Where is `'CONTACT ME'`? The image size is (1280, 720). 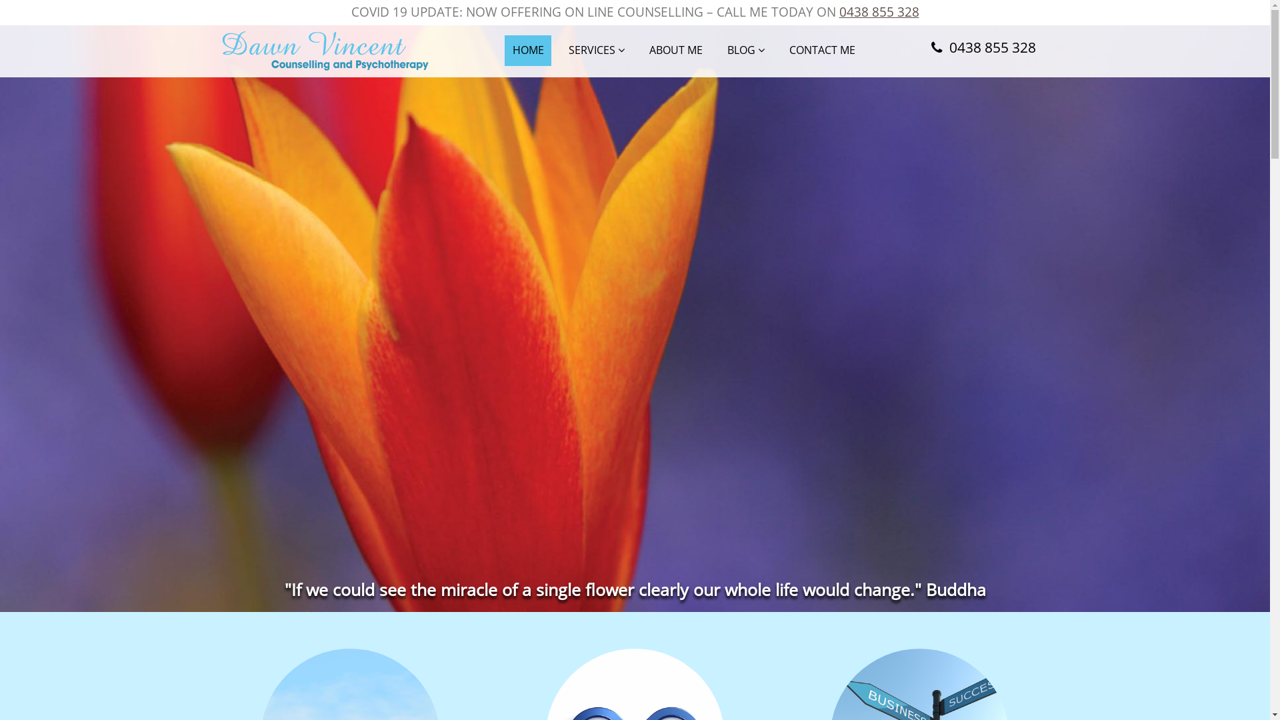
'CONTACT ME' is located at coordinates (821, 50).